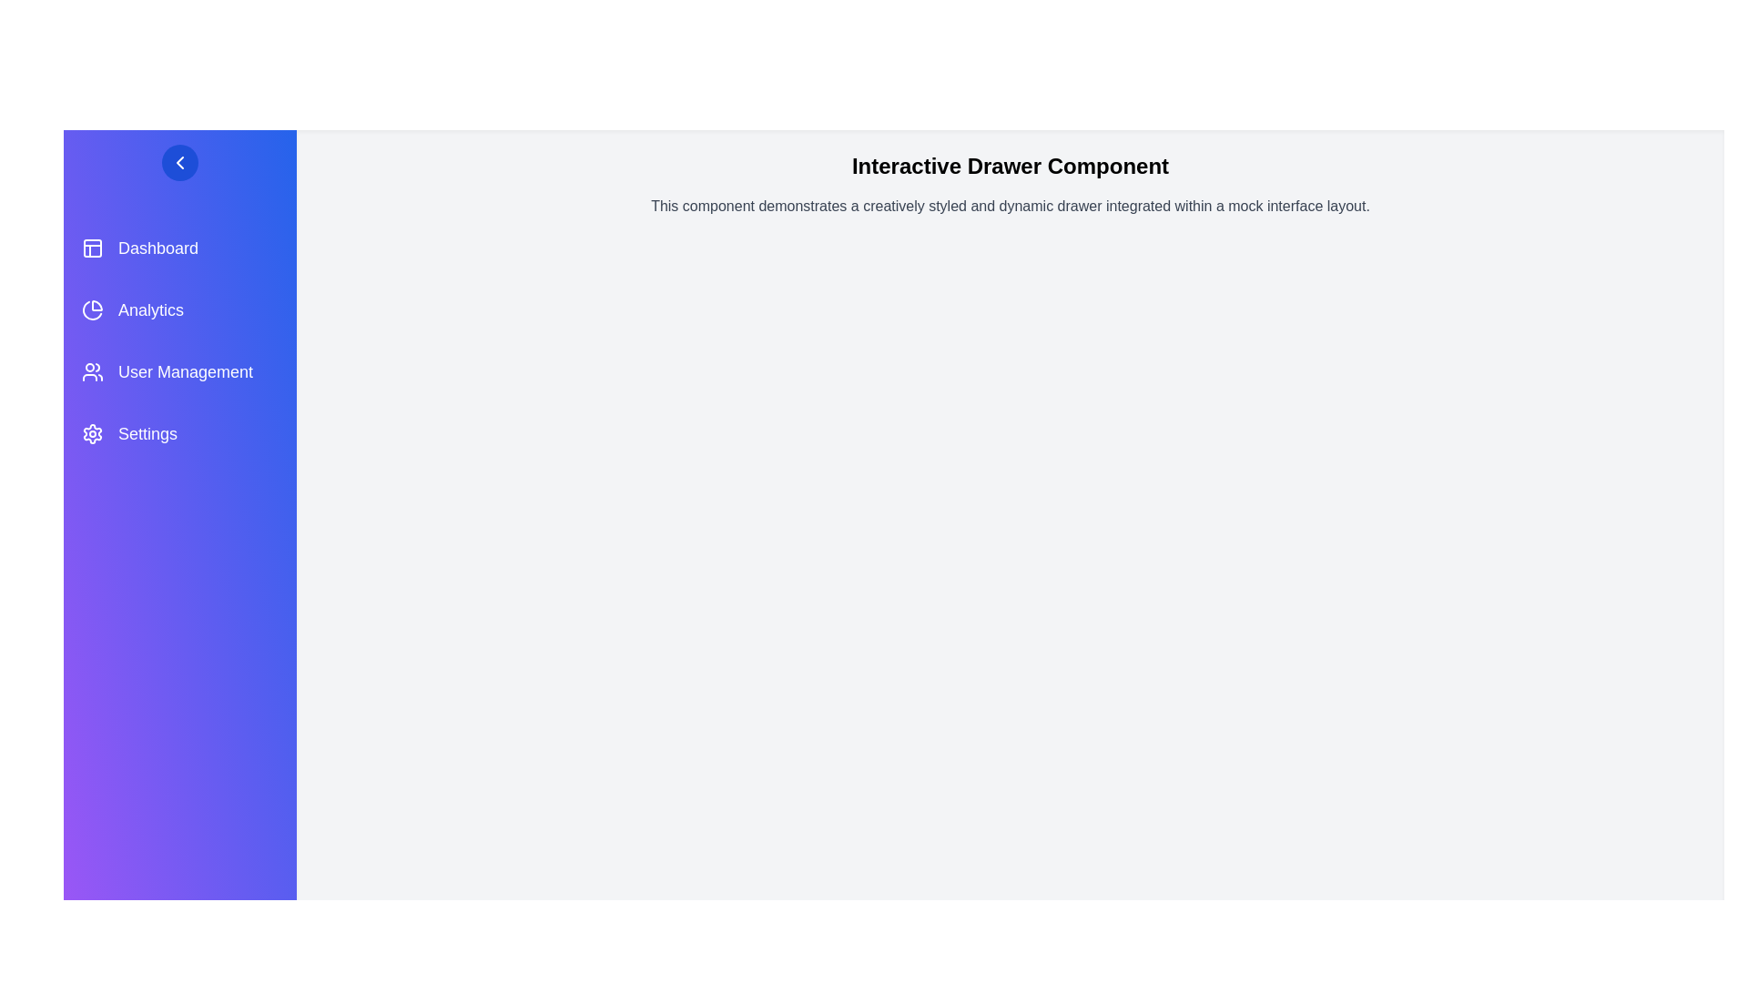 The height and width of the screenshot is (983, 1748). What do you see at coordinates (179, 370) in the screenshot?
I see `the menu item User Management by clicking on it` at bounding box center [179, 370].